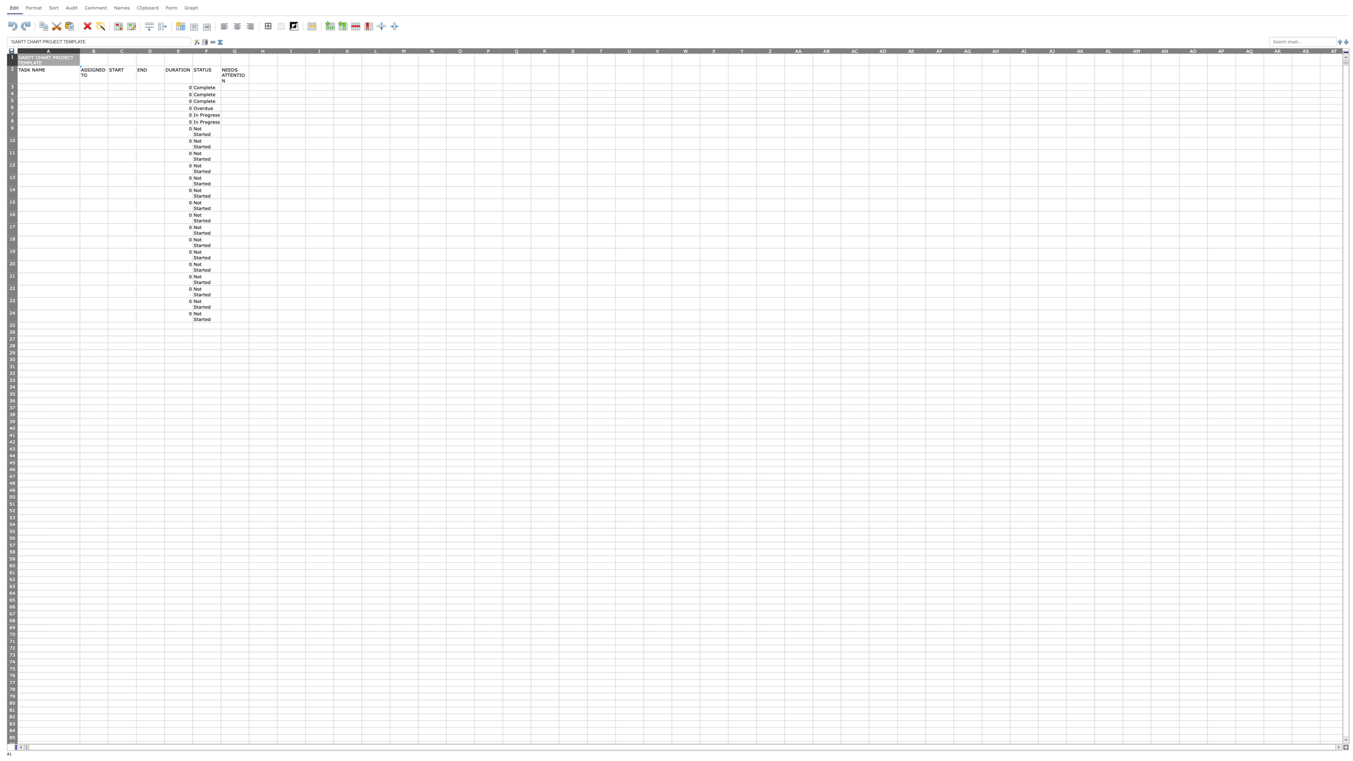 This screenshot has height=761, width=1353. Describe the element at coordinates (107, 50) in the screenshot. I see `column B's right edge for resizing` at that location.